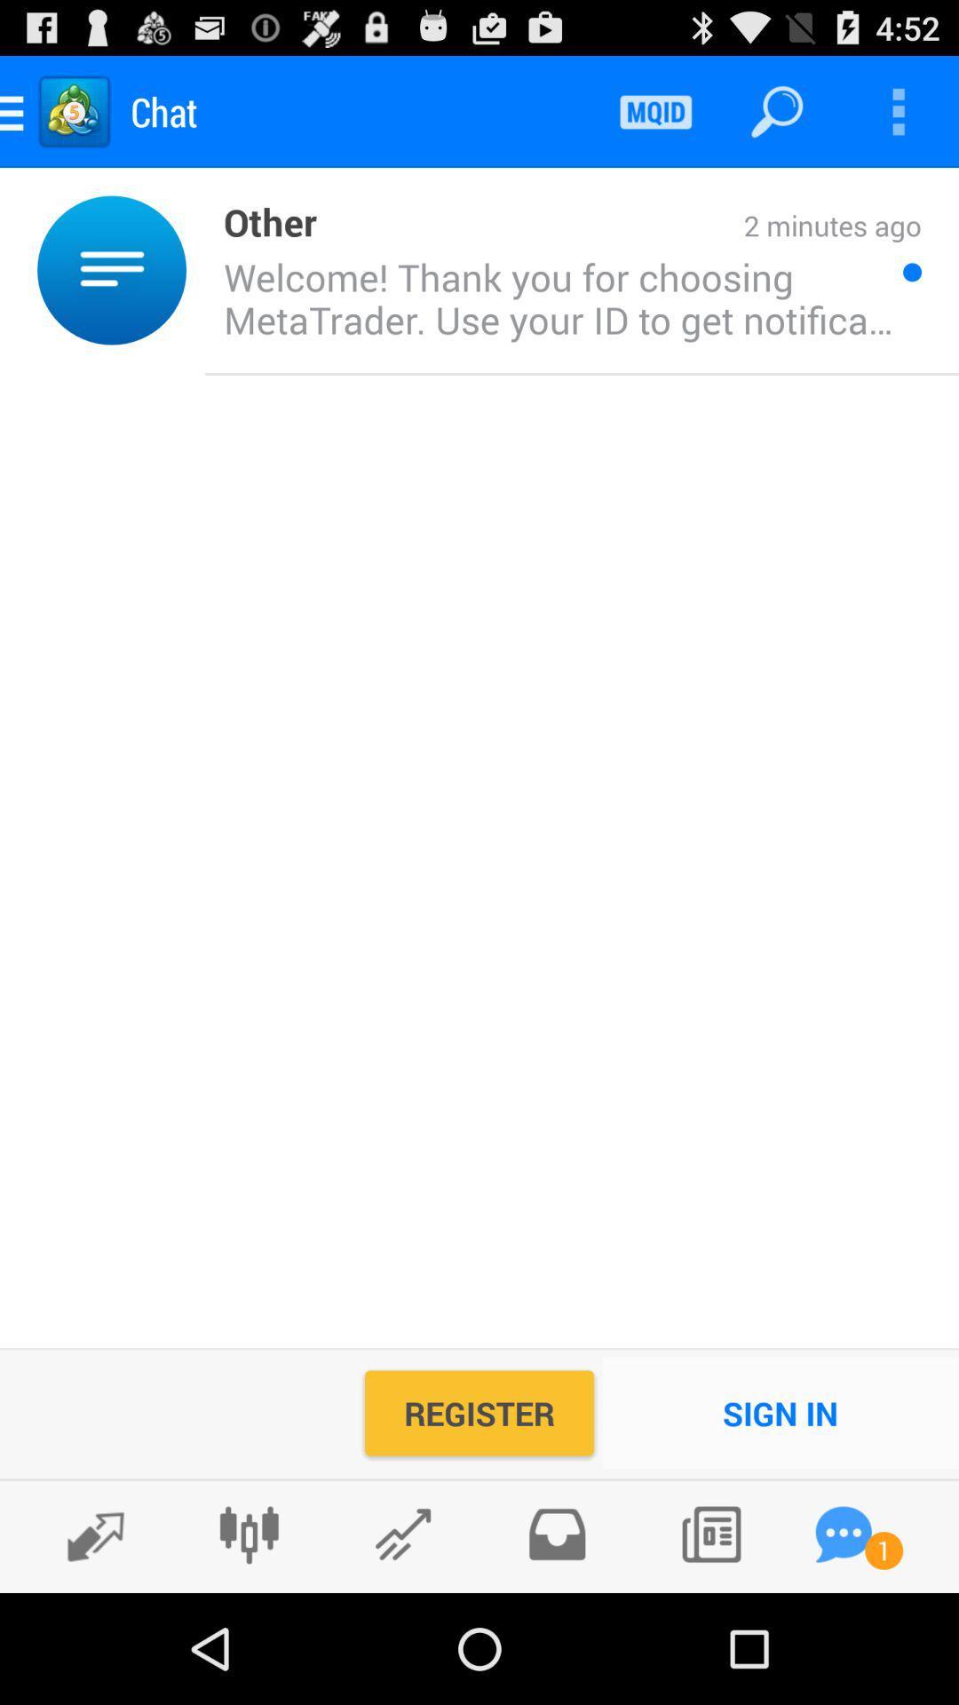 The image size is (959, 1705). Describe the element at coordinates (618, 226) in the screenshot. I see `the 2 minutes ago icon` at that location.